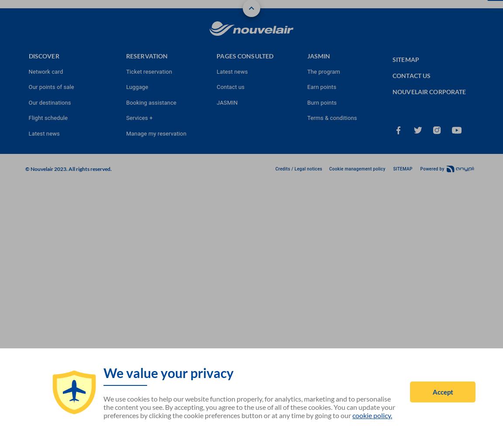 This screenshot has width=503, height=436. Describe the element at coordinates (392, 59) in the screenshot. I see `'Sitemap'` at that location.